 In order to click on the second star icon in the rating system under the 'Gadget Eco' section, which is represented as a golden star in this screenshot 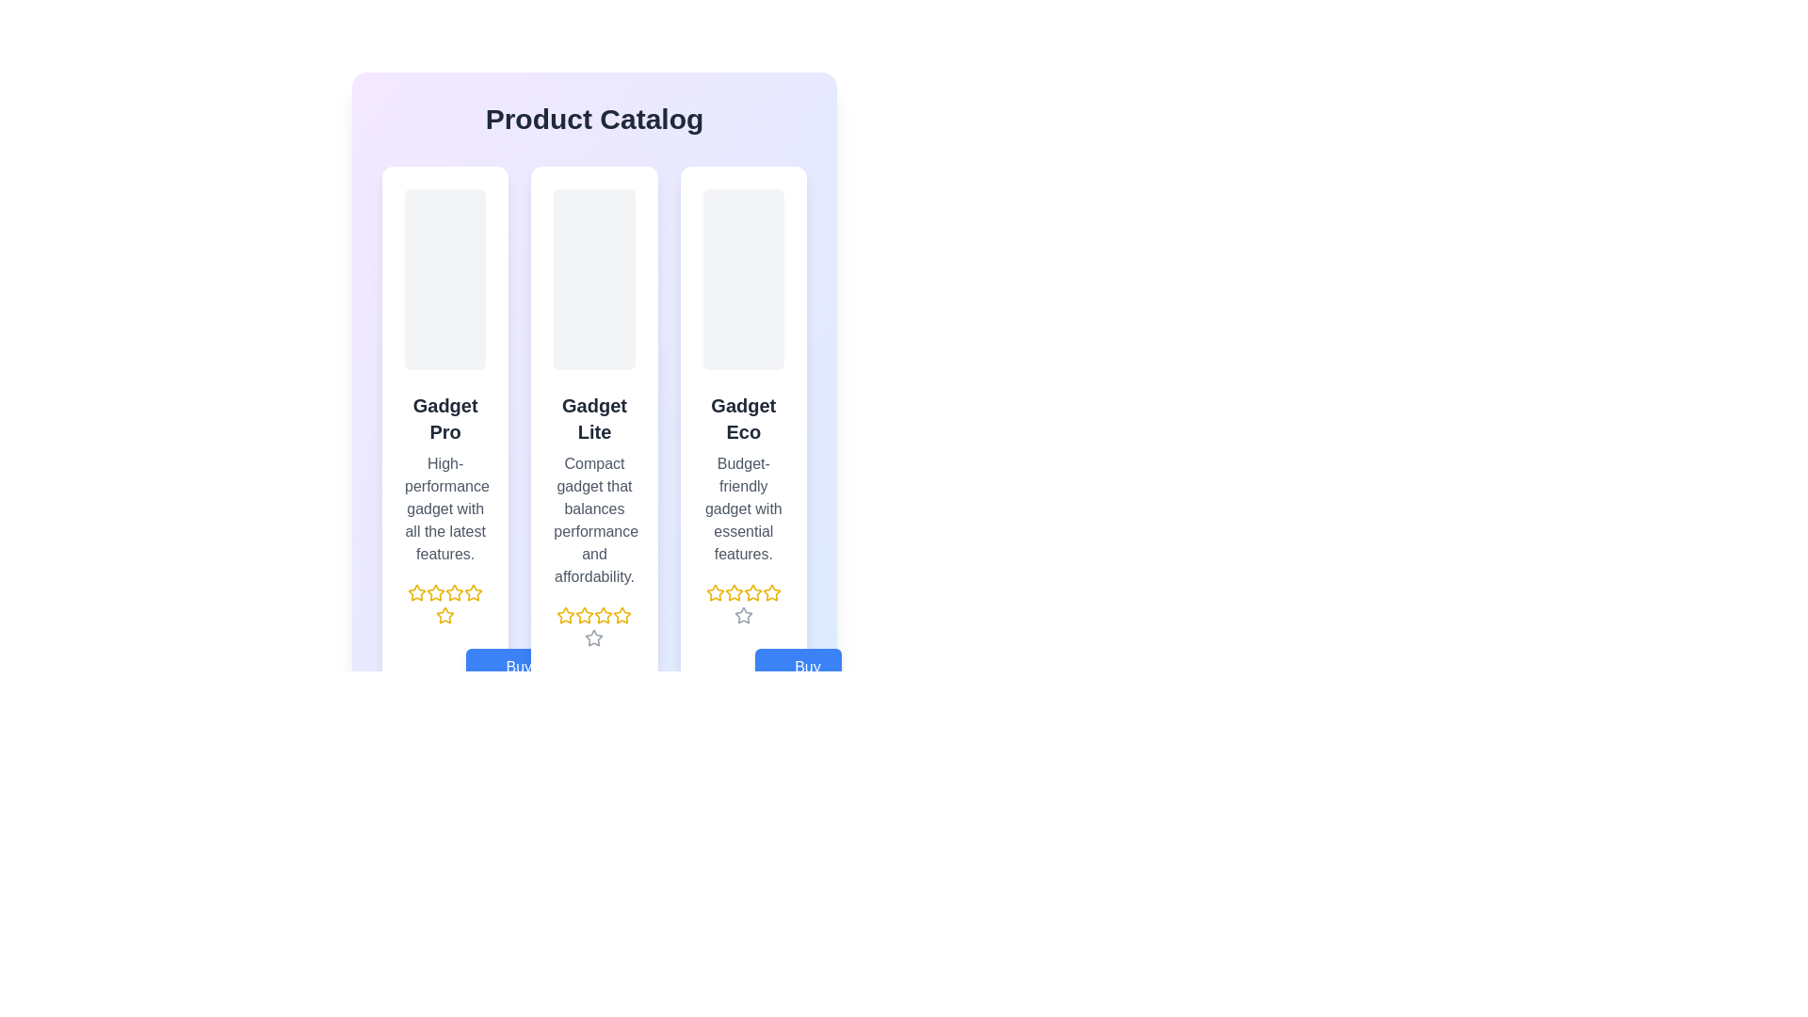, I will do `click(714, 591)`.